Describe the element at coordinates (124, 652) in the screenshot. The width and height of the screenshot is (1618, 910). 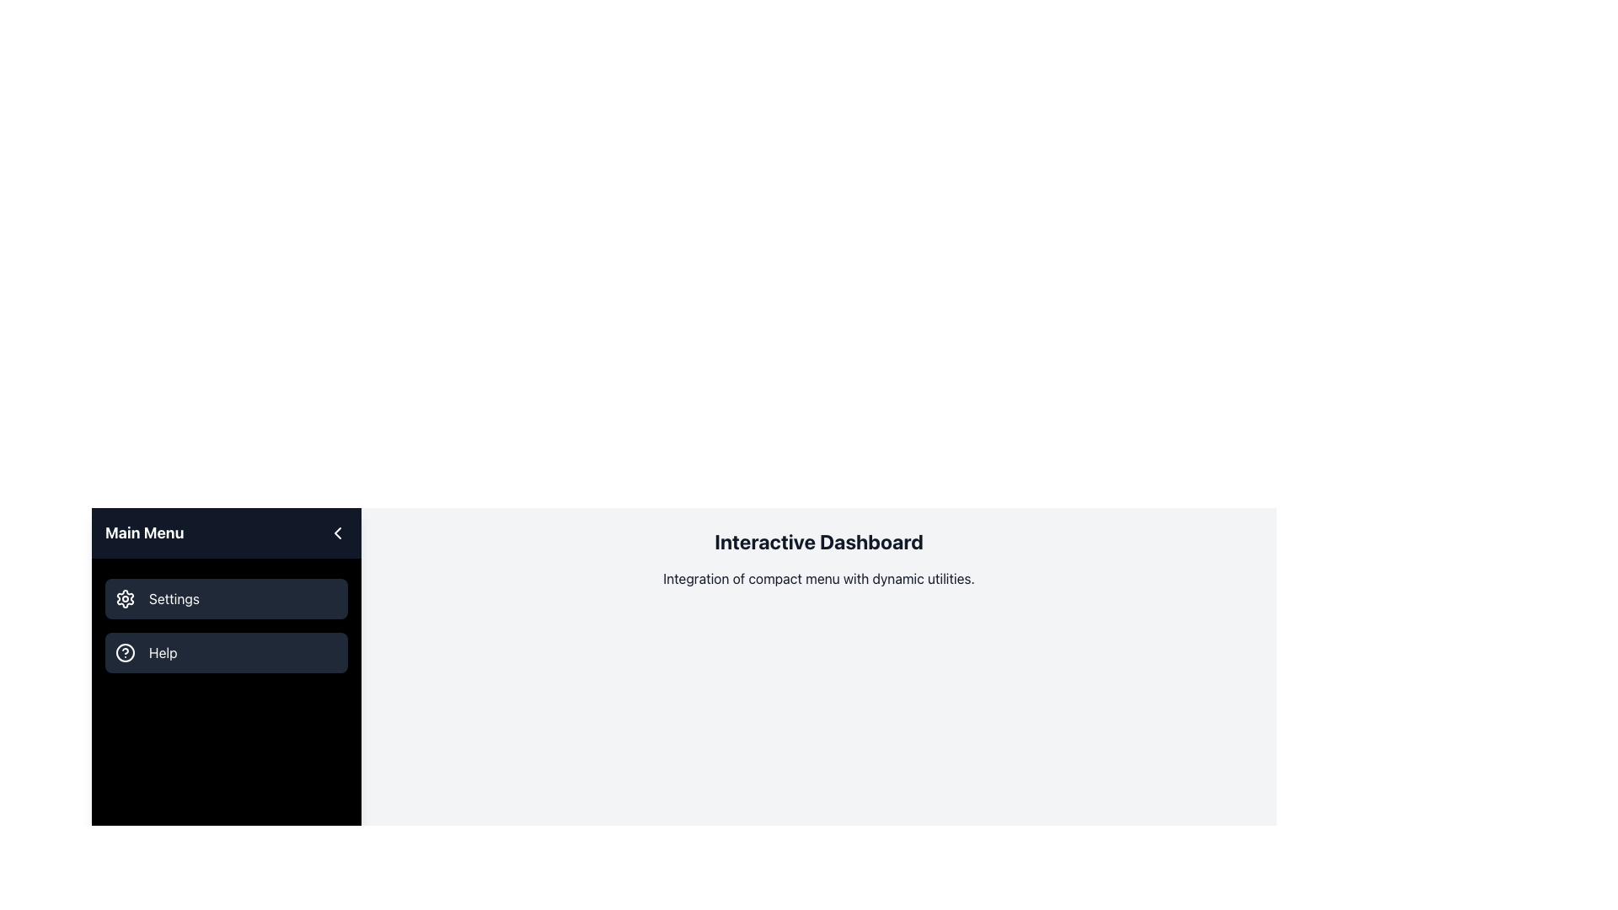
I see `the circular icon with a question mark in its center, located in the left navigation menu under 'Main Menu', next to 'Help'` at that location.